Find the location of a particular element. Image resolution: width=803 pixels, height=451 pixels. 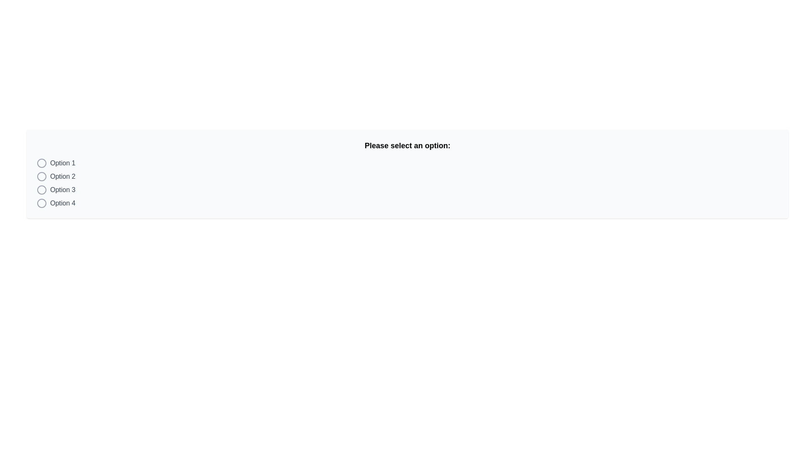

text label indicating the third selectable option in the list, which is positioned to the left of the corresponding radio button is located at coordinates (62, 190).